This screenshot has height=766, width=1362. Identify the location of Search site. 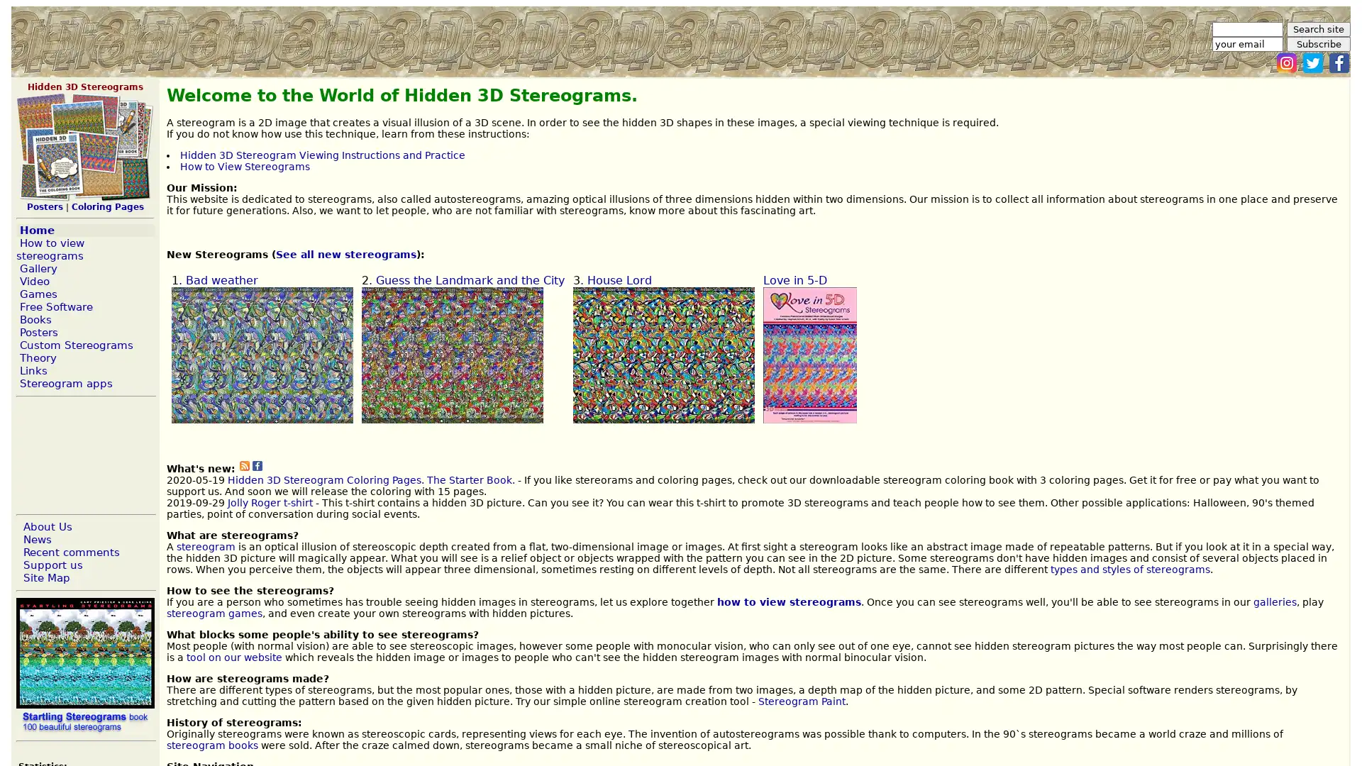
(1317, 29).